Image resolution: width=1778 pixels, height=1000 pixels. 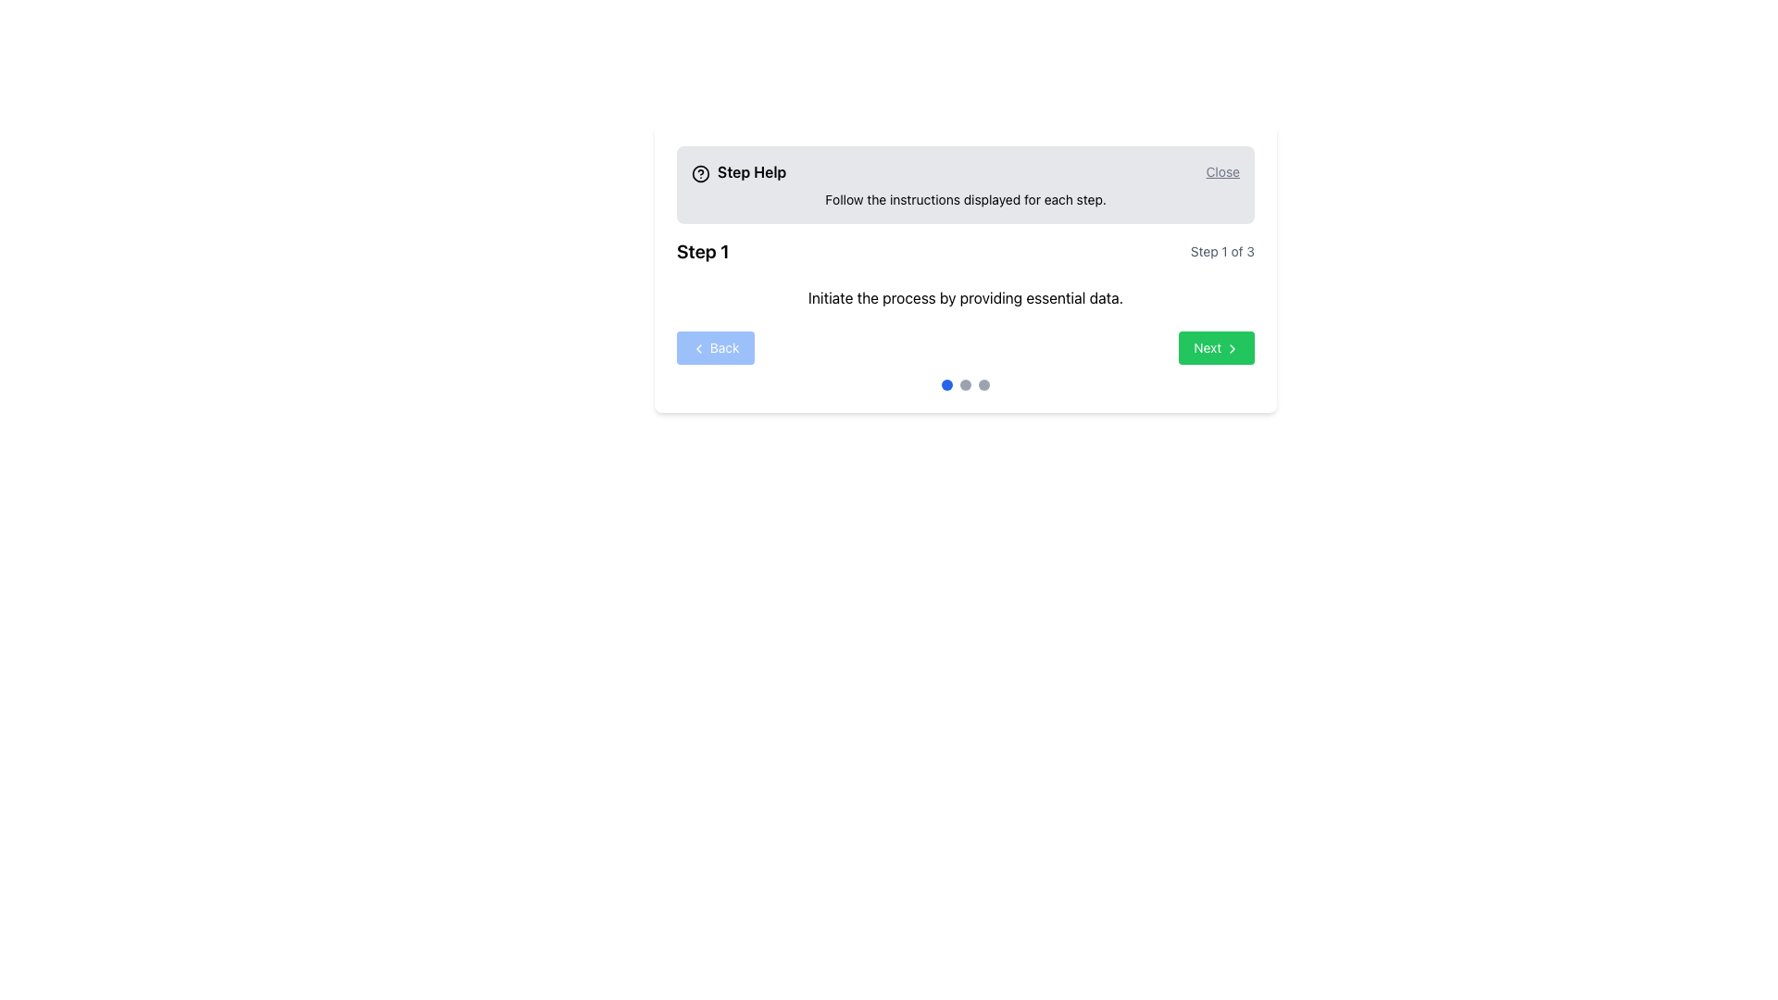 I want to click on the third circular step progress indicator with a gray background located at the bottom center of the modal, so click(x=983, y=384).